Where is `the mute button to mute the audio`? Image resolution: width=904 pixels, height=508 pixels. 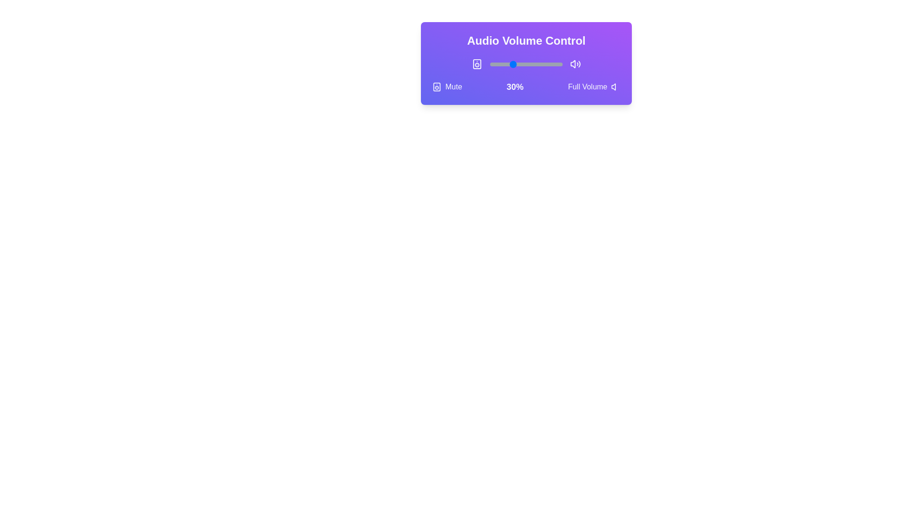
the mute button to mute the audio is located at coordinates (446, 87).